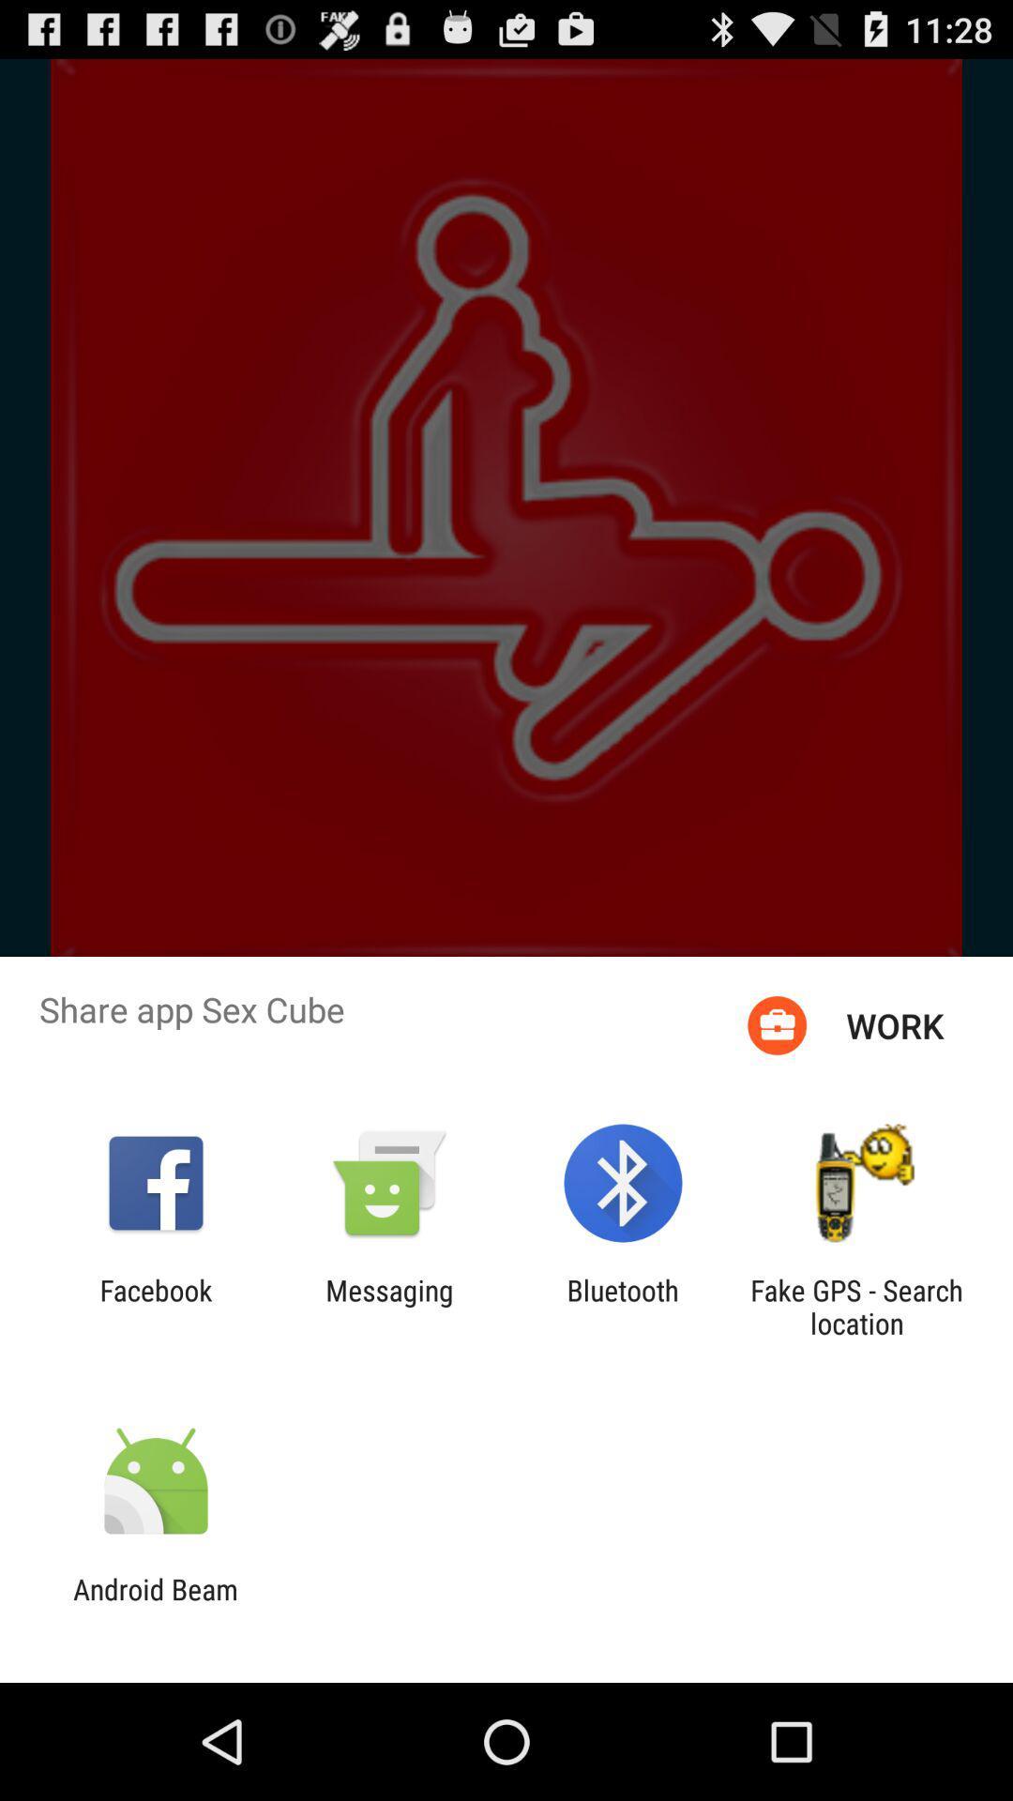 The image size is (1013, 1801). I want to click on the fake gps search icon, so click(856, 1306).